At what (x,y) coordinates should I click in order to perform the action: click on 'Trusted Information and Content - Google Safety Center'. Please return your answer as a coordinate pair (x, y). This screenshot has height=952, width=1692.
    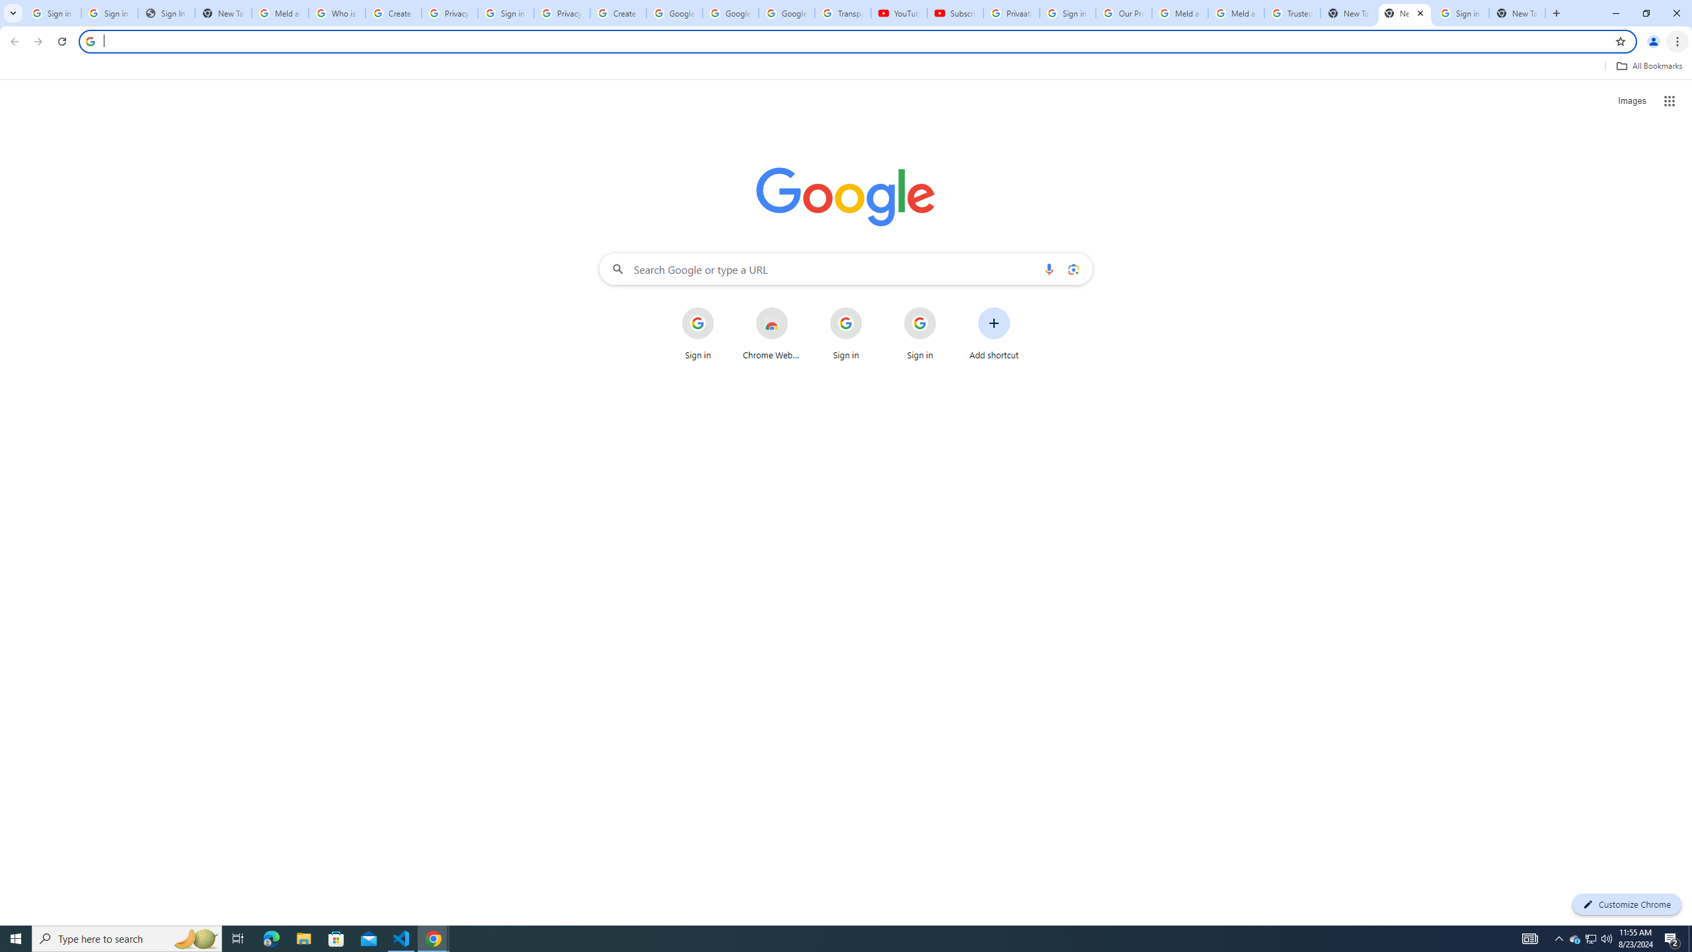
    Looking at the image, I should click on (1291, 13).